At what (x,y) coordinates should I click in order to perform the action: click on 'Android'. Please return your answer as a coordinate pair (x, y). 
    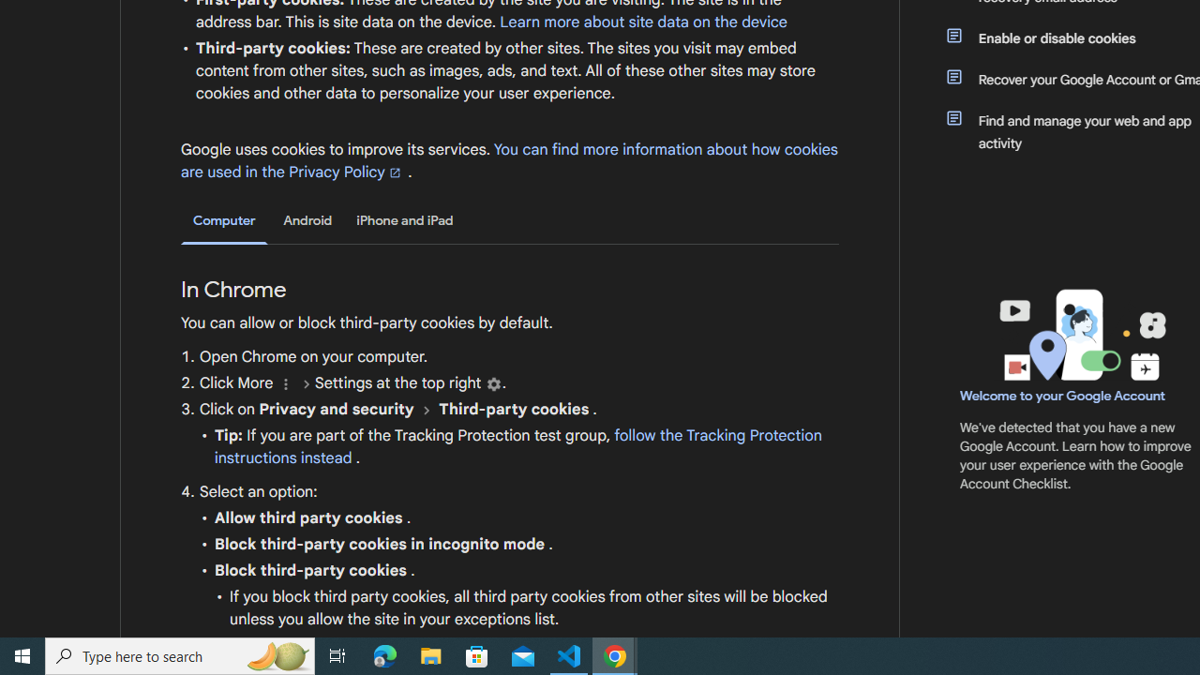
    Looking at the image, I should click on (307, 219).